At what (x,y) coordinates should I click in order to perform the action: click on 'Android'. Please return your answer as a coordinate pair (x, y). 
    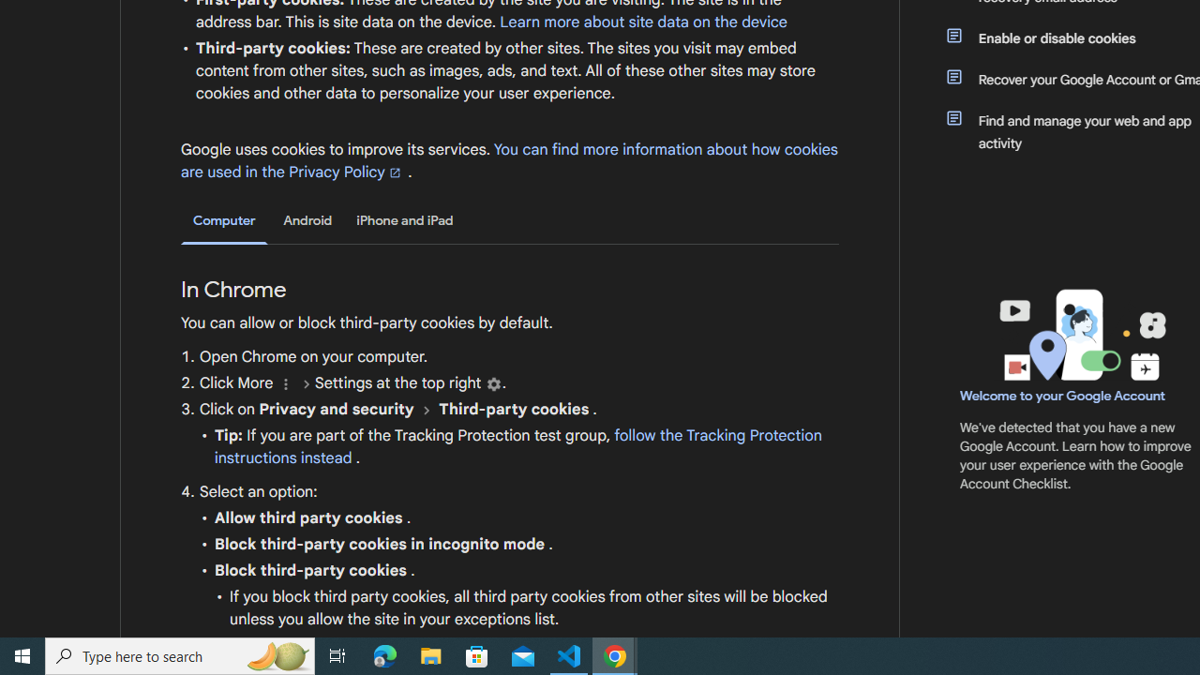
    Looking at the image, I should click on (307, 219).